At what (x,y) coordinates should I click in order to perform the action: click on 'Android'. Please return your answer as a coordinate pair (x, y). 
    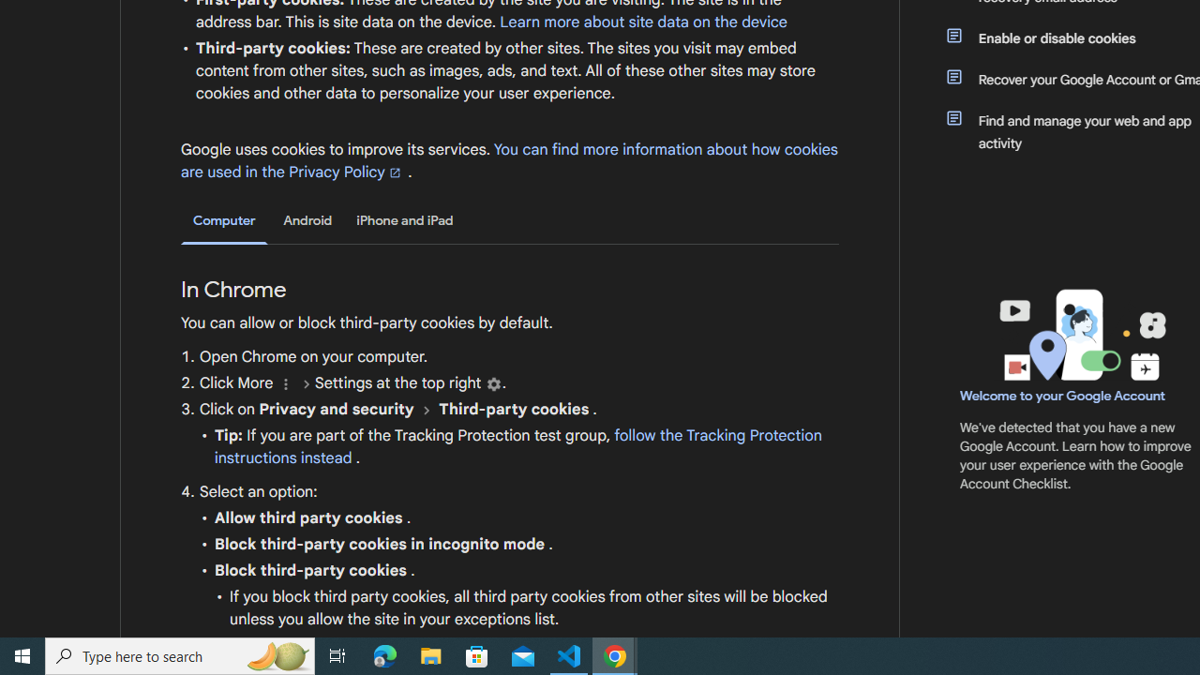
    Looking at the image, I should click on (307, 219).